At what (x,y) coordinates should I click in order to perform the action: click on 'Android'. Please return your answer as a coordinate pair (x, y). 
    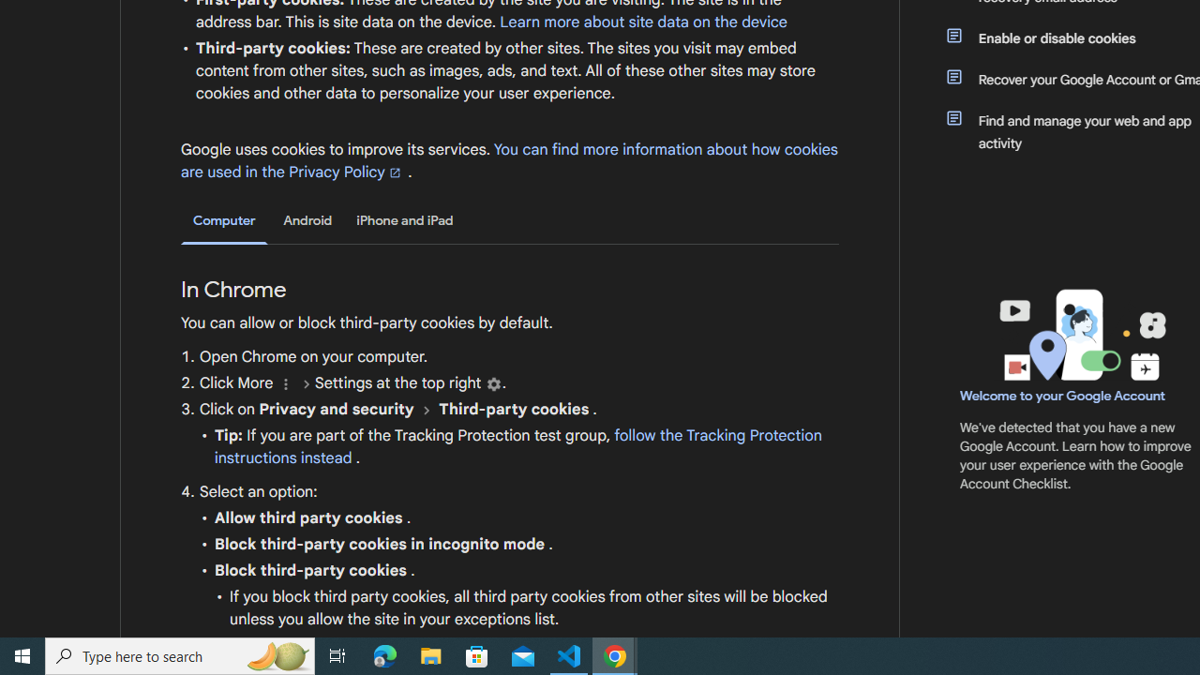
    Looking at the image, I should click on (307, 219).